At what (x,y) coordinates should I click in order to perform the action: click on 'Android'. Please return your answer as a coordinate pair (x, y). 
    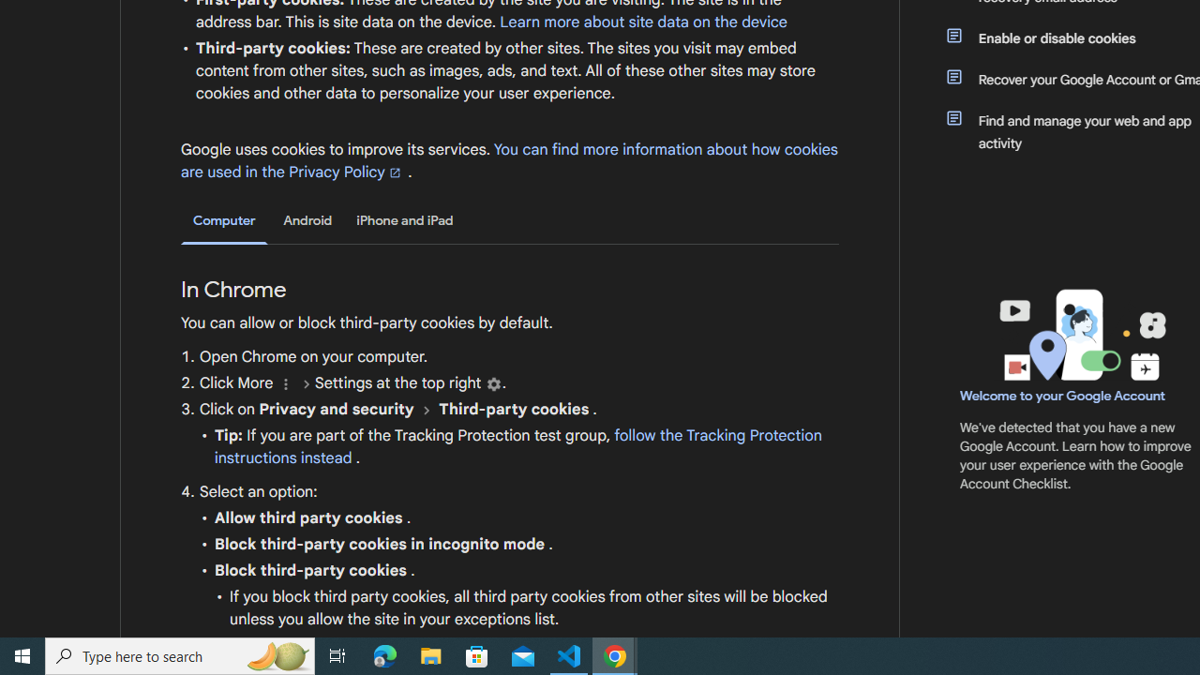
    Looking at the image, I should click on (307, 219).